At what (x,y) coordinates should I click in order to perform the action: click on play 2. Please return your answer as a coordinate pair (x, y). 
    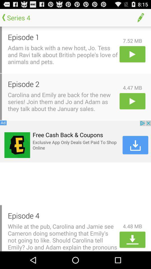
    Looking at the image, I should click on (132, 101).